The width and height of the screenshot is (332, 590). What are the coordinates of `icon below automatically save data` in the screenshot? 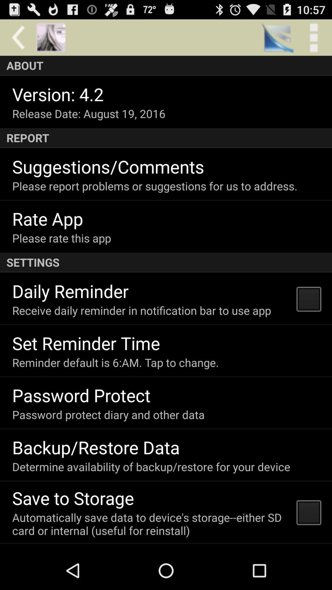 It's located at (73, 550).